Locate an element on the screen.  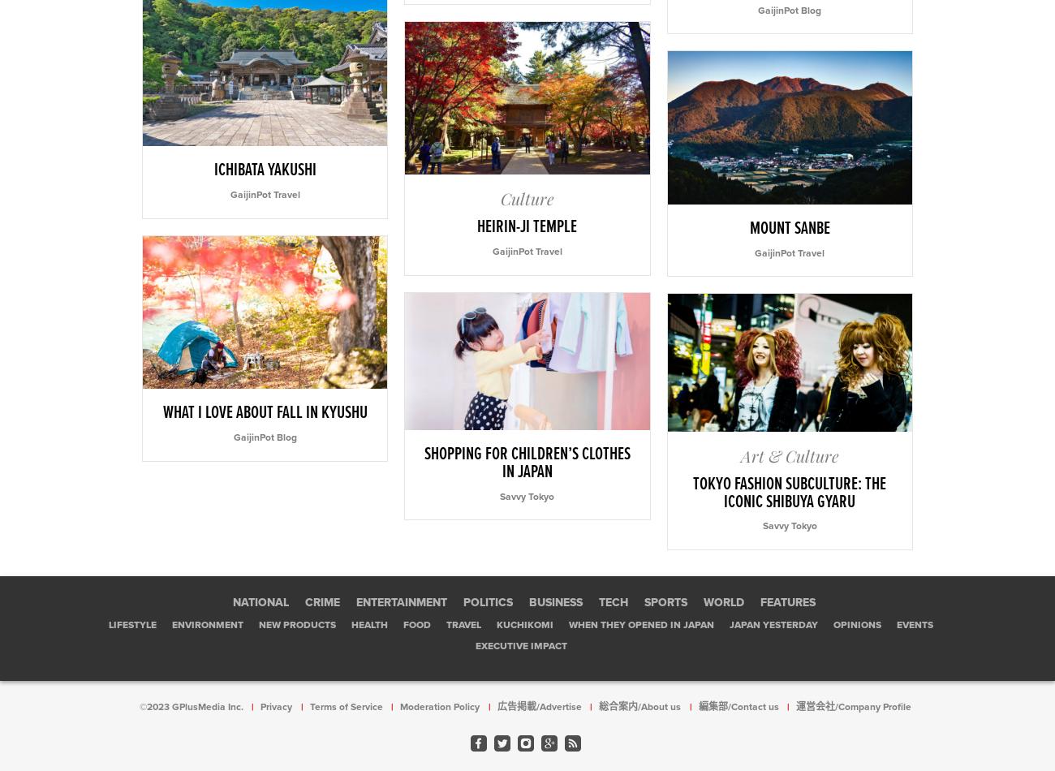
'Privacy' is located at coordinates (275, 705).